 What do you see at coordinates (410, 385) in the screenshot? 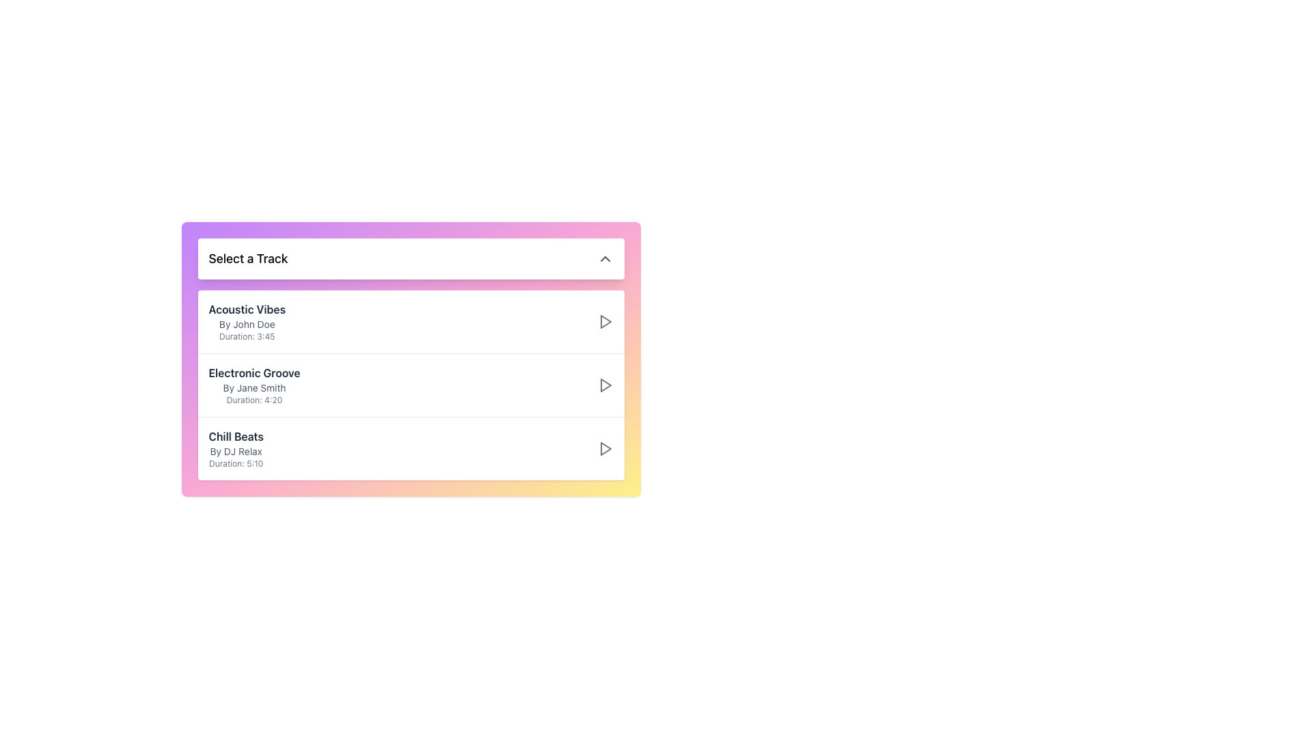
I see `the second track element in the playlist labeled 'Electronic Groove' by 'Jane Smith'` at bounding box center [410, 385].